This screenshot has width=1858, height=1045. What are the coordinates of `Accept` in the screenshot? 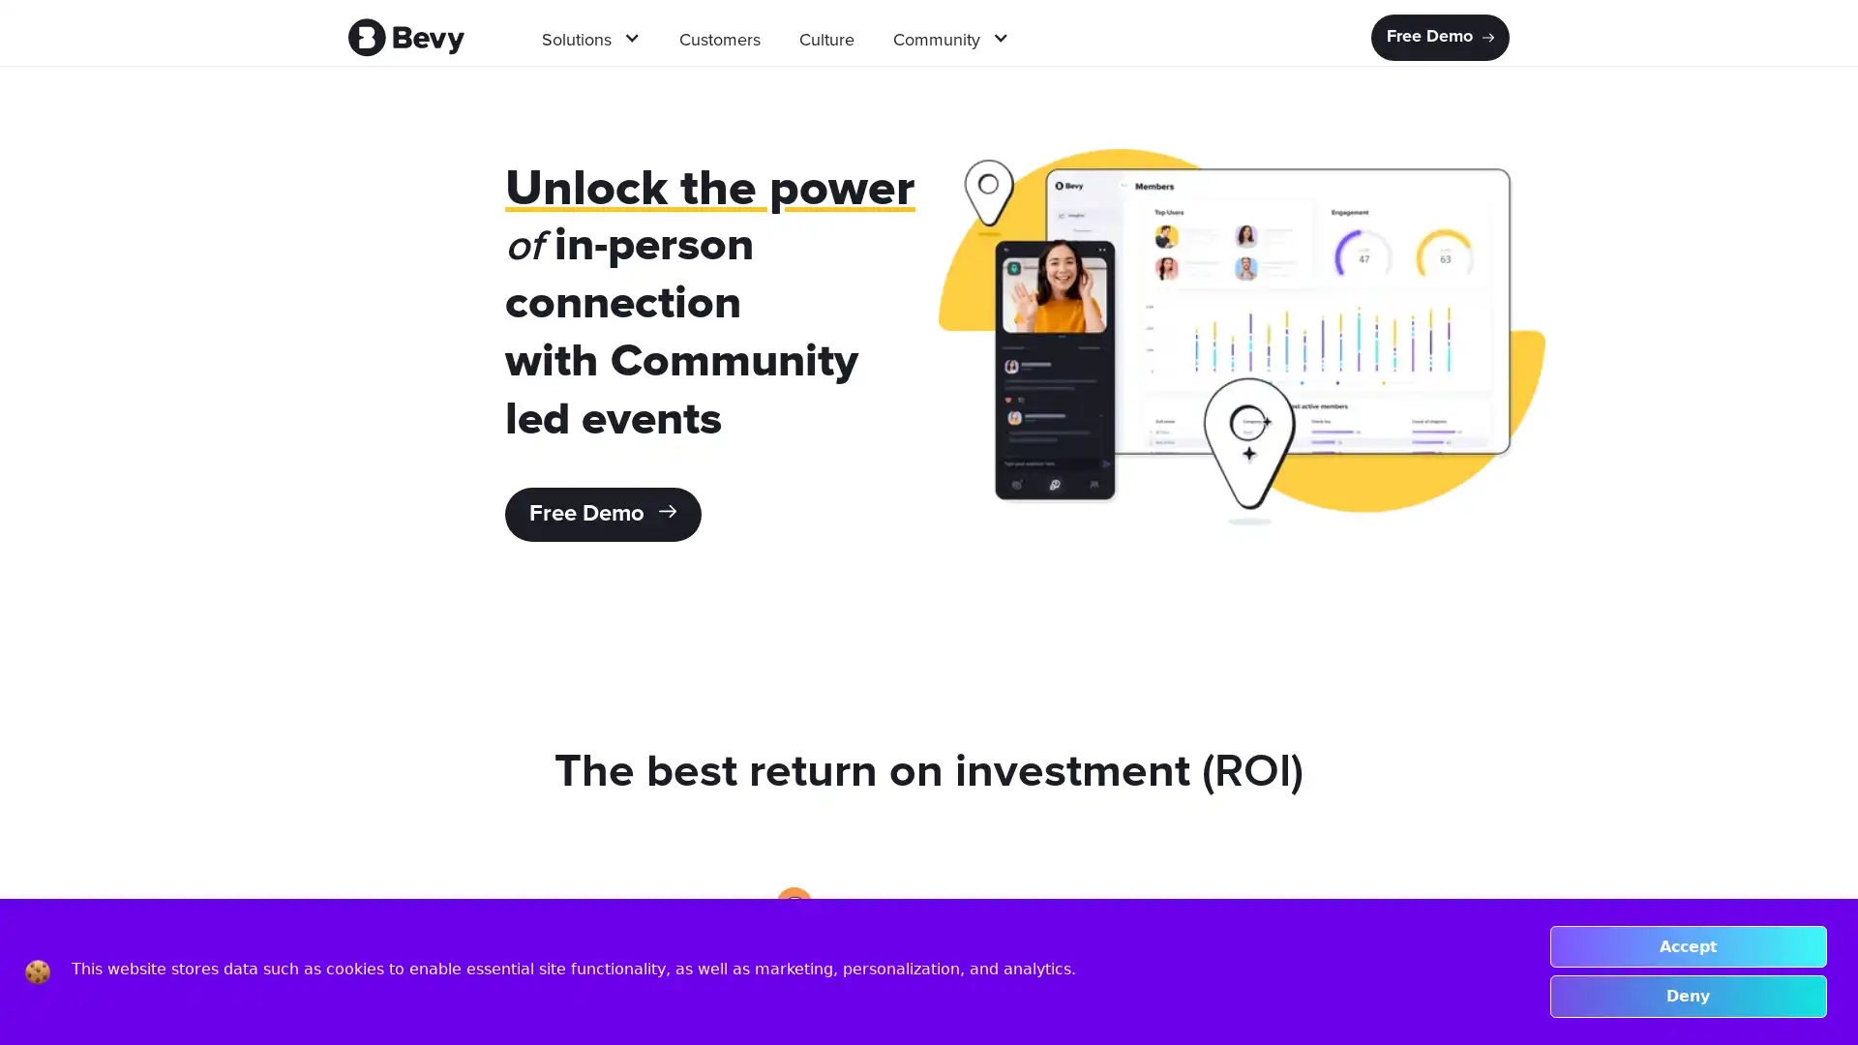 It's located at (1687, 945).